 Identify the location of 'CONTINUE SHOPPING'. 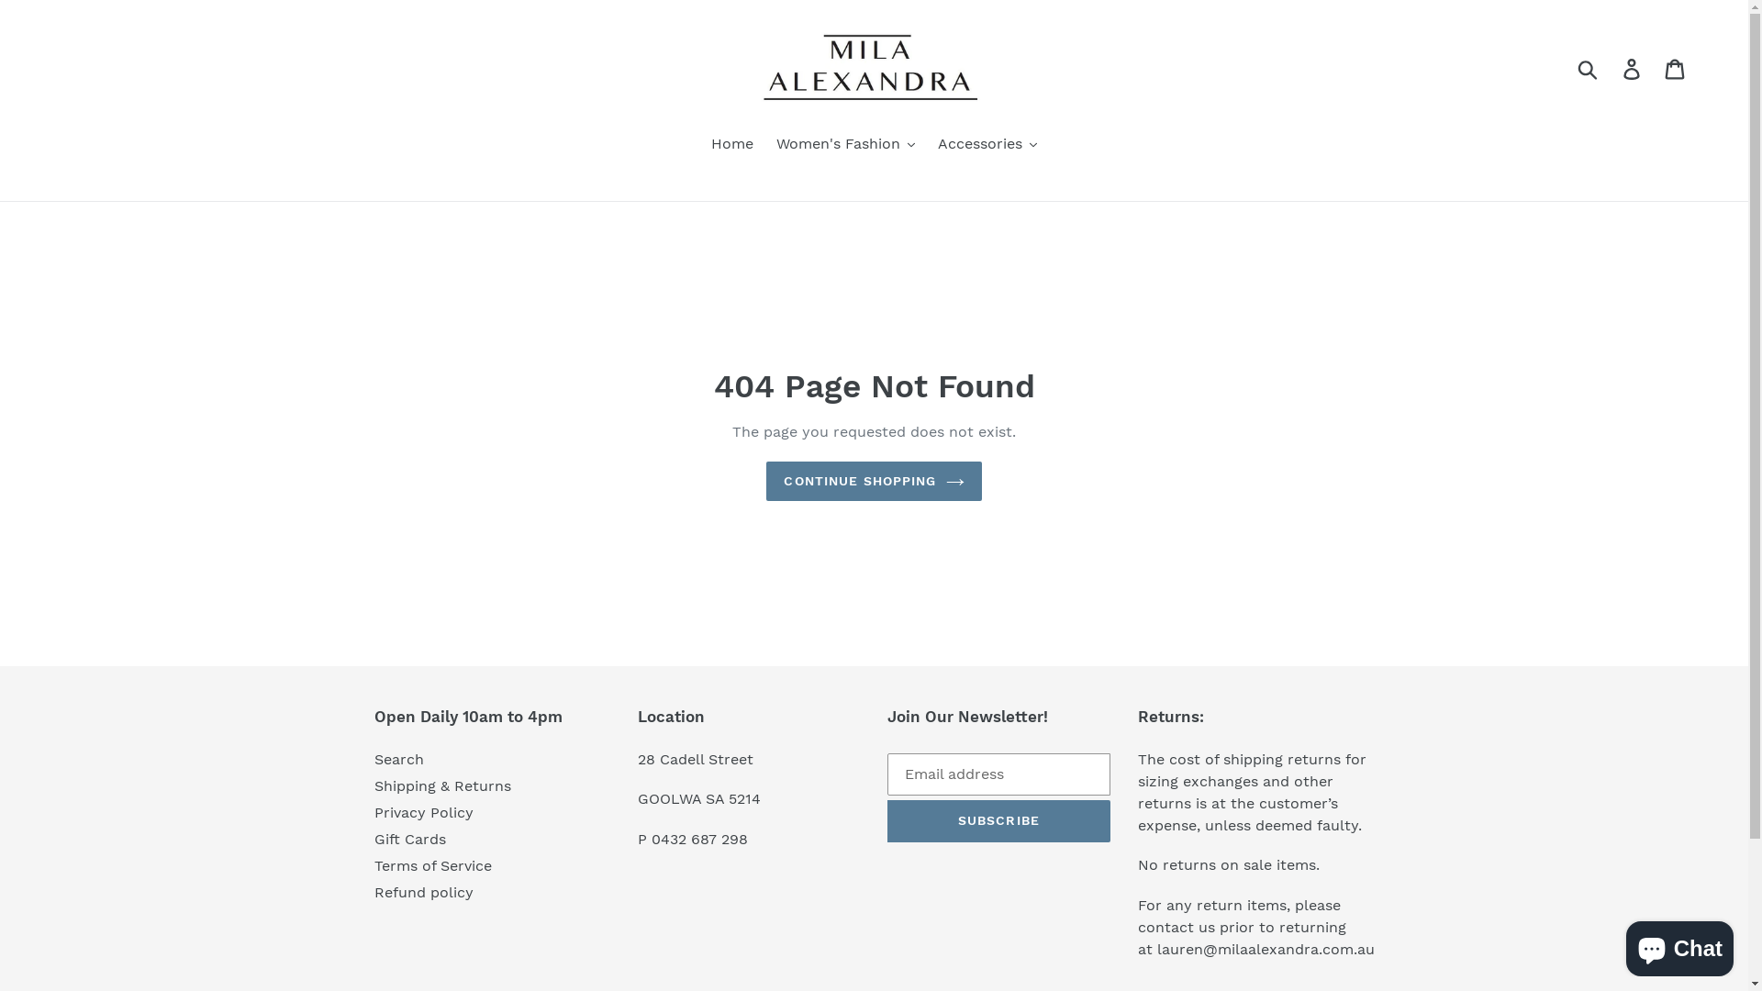
(872, 480).